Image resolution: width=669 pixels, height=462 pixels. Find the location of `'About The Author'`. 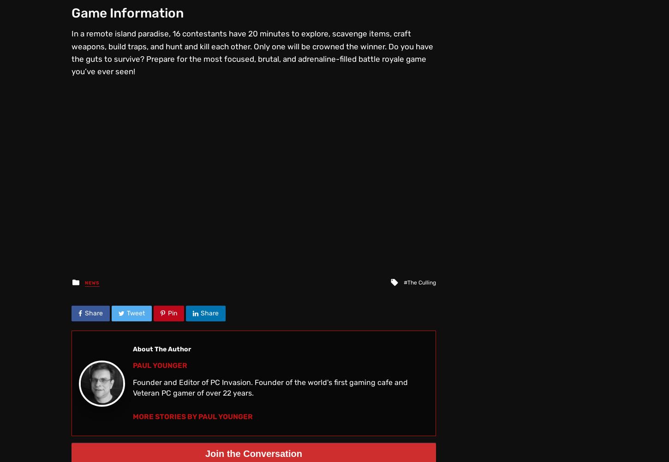

'About The Author' is located at coordinates (162, 348).